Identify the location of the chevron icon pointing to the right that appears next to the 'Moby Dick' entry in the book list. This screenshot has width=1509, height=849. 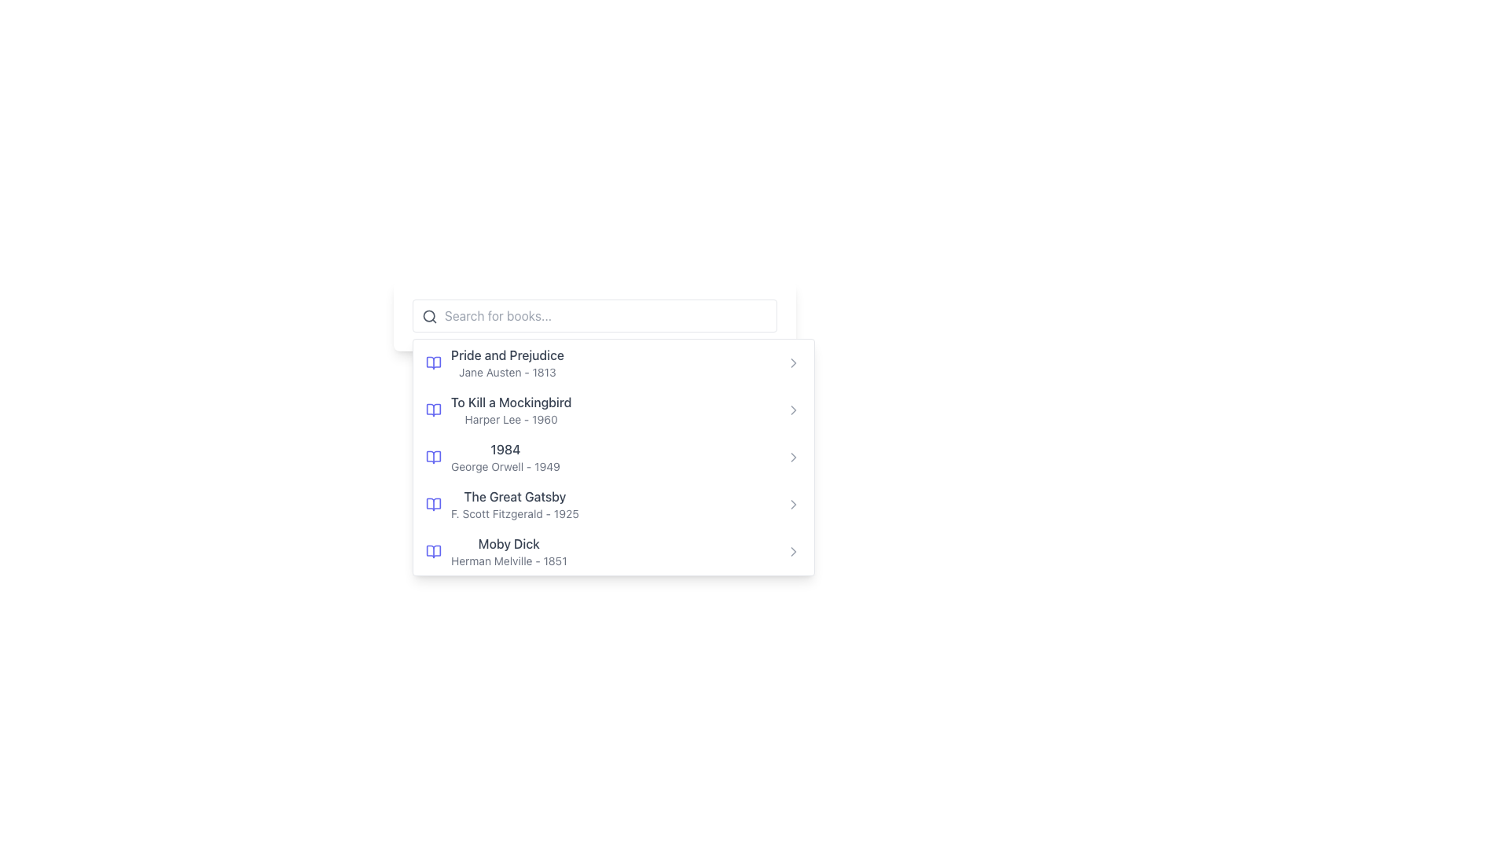
(793, 551).